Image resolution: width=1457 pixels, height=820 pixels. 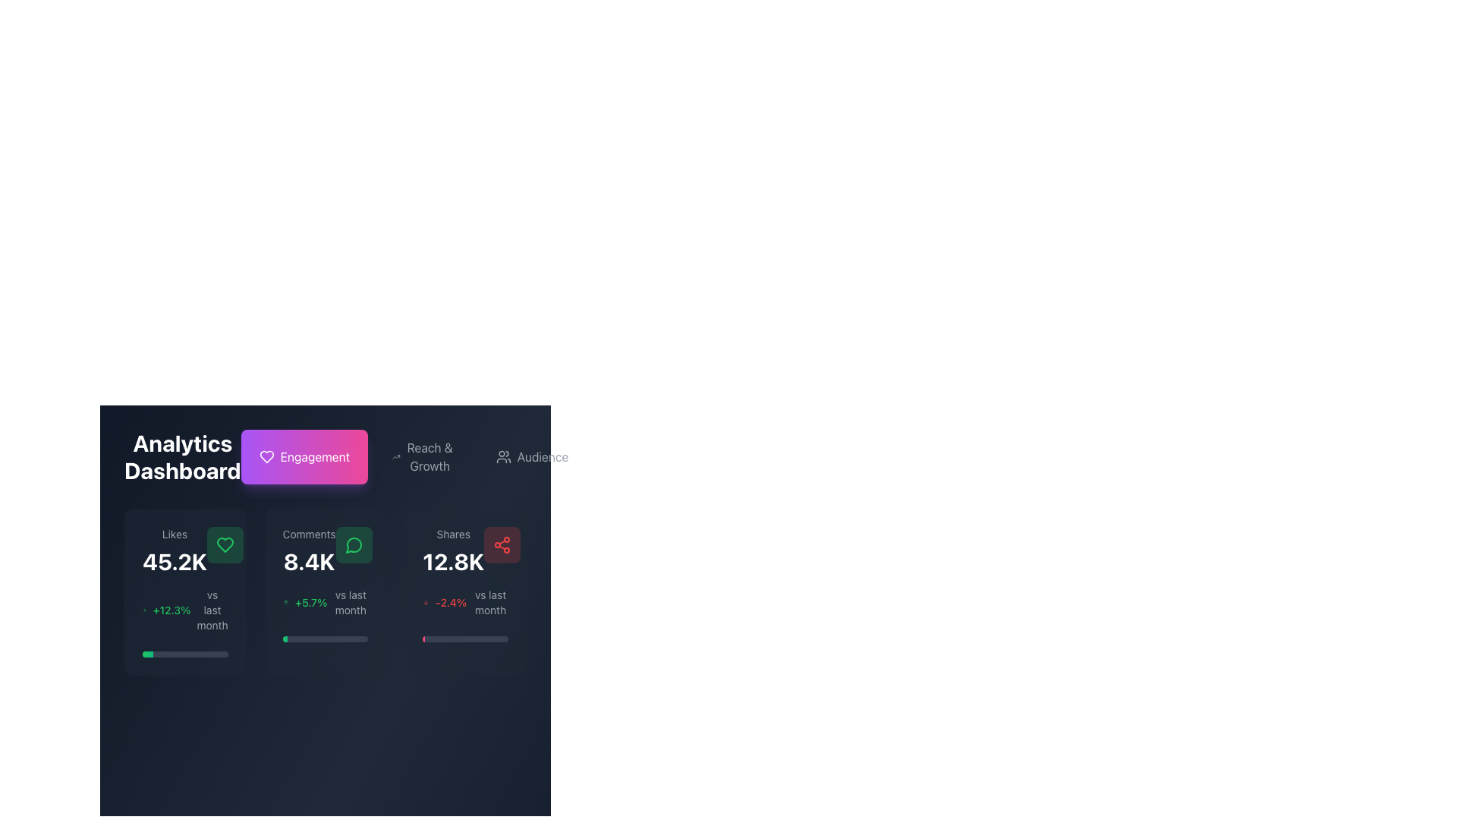 What do you see at coordinates (414, 456) in the screenshot?
I see `the 'Reach & Growth' button located in the upper center navigation section, positioned between 'Engagement' and 'Audience'` at bounding box center [414, 456].